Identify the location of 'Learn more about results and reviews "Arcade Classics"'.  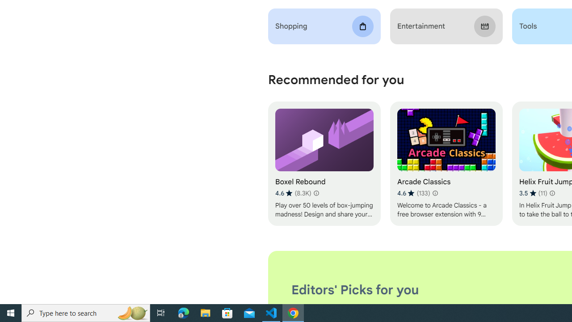
(434, 193).